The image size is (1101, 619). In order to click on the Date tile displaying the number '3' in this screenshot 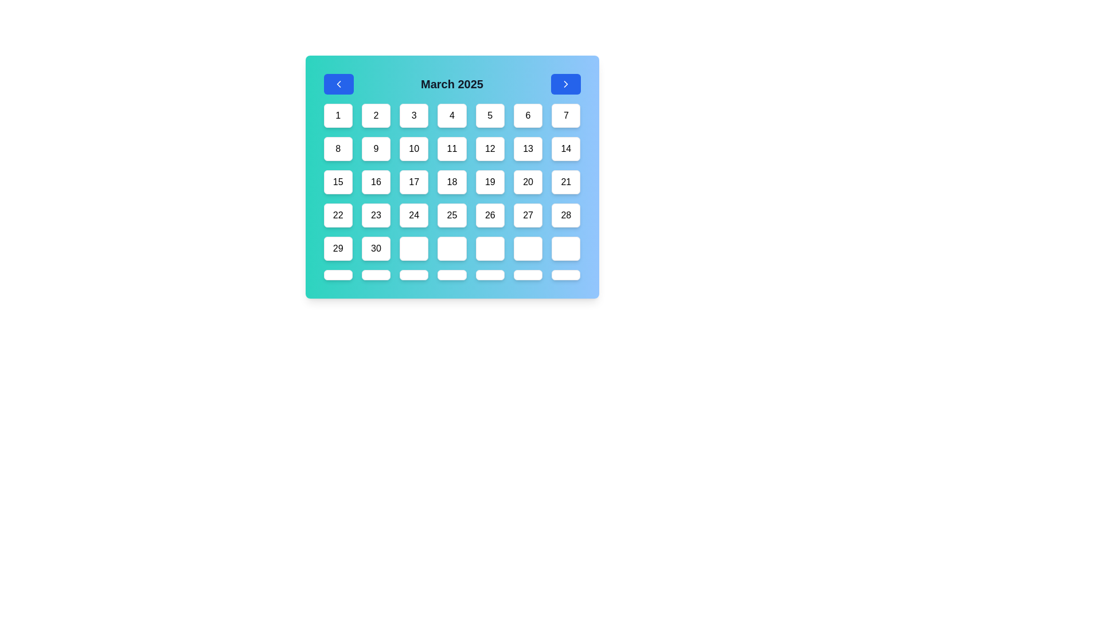, I will do `click(413, 115)`.